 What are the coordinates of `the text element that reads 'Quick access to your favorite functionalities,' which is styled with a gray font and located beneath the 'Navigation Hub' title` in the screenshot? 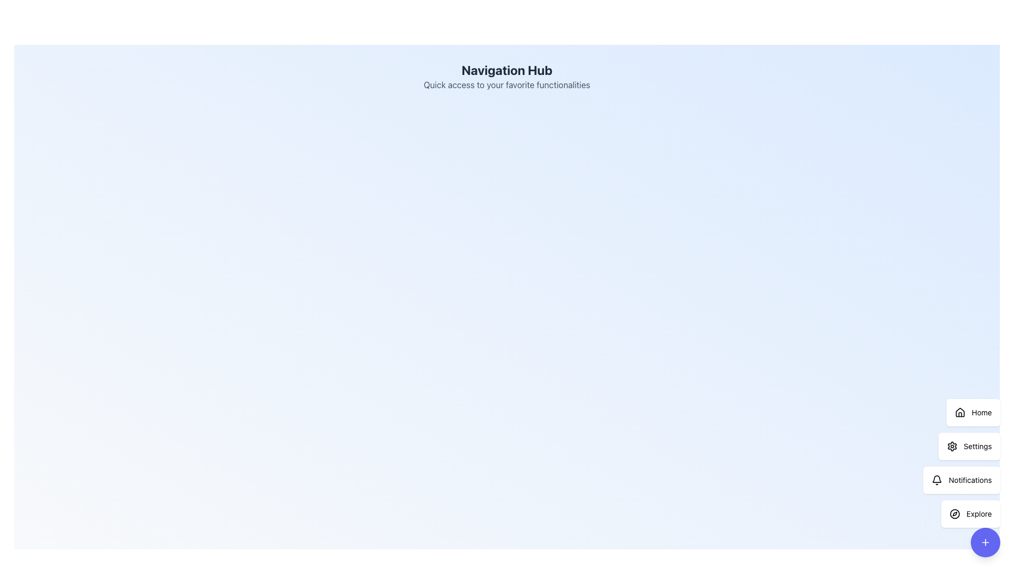 It's located at (506, 84).